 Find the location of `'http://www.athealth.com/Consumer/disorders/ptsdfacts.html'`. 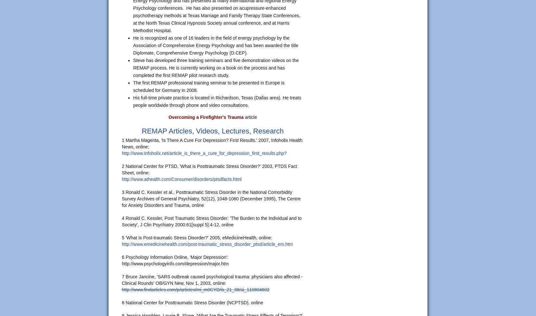

'http://www.athealth.com/Consumer/disorders/ptsdfacts.html' is located at coordinates (181, 179).